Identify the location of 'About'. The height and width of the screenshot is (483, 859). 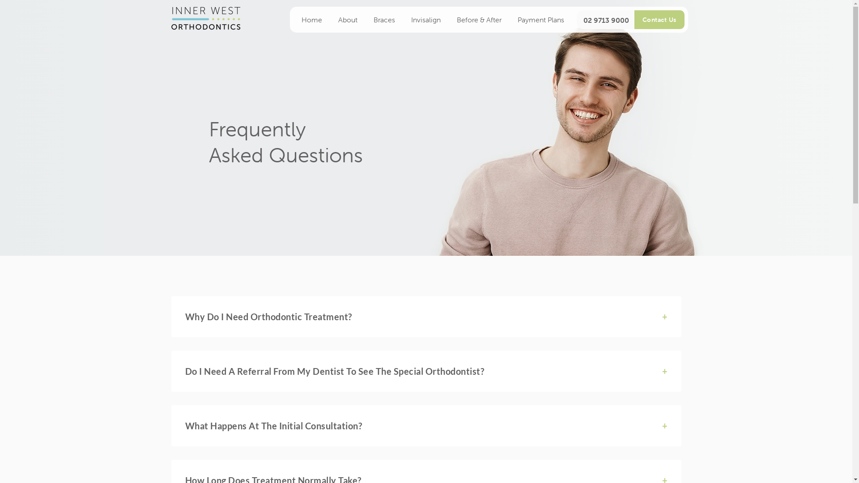
(330, 19).